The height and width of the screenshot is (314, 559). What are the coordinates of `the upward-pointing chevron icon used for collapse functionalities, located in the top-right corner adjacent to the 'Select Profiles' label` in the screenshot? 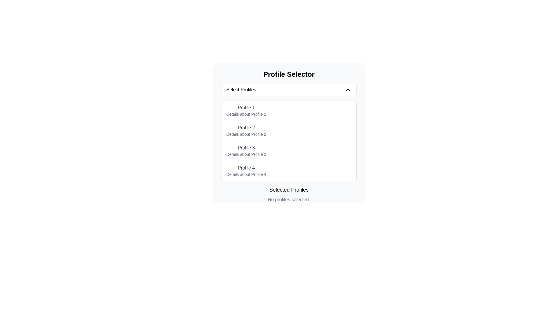 It's located at (348, 90).